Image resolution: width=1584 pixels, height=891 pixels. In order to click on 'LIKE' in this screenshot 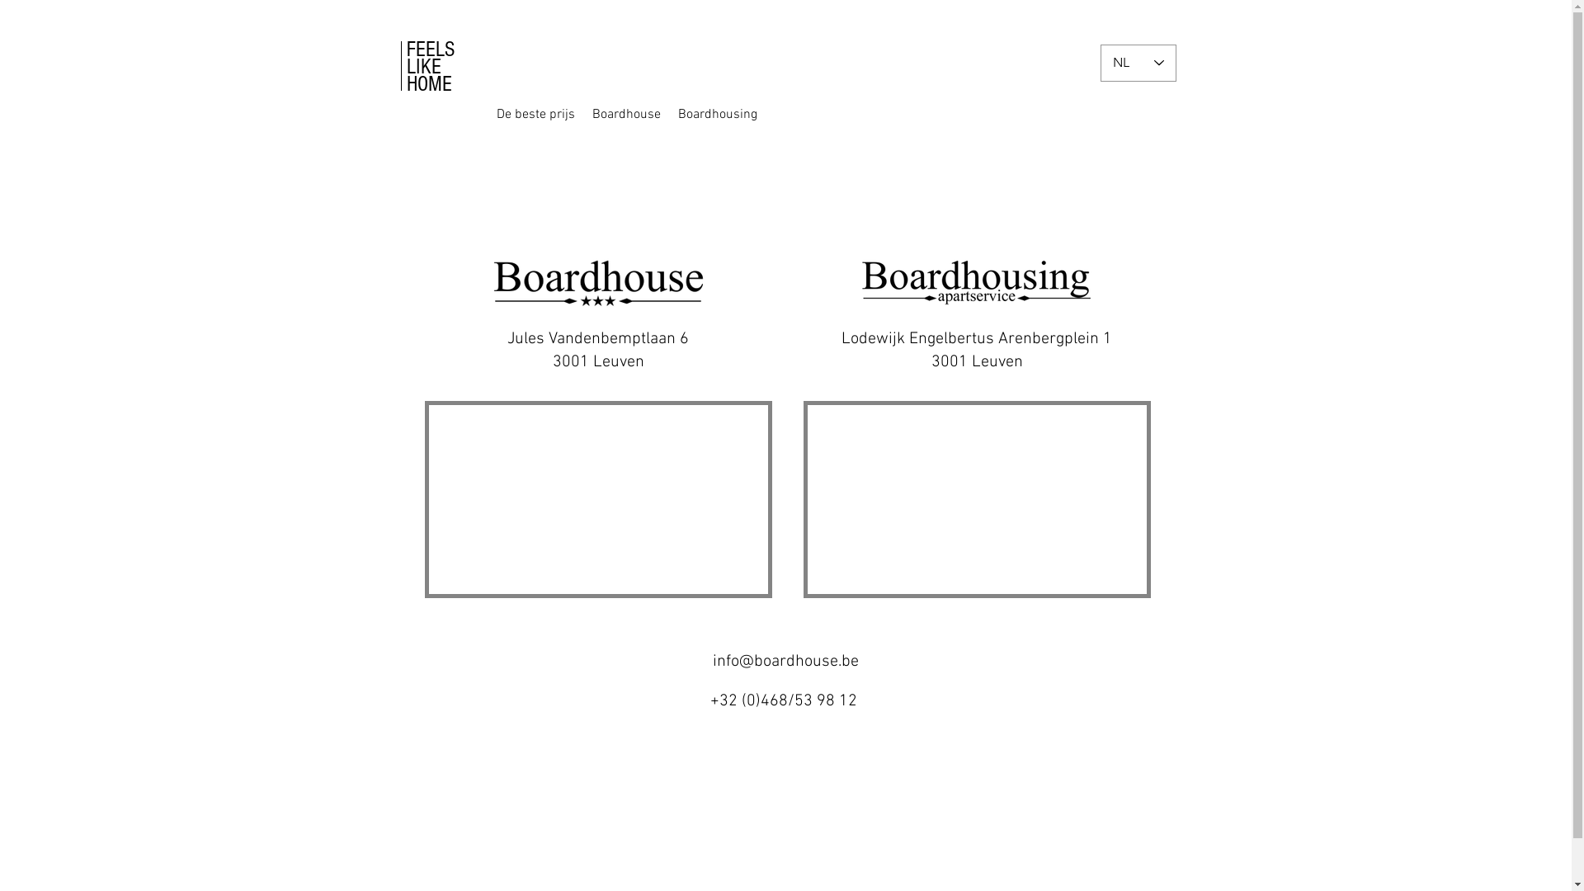, I will do `click(423, 66)`.